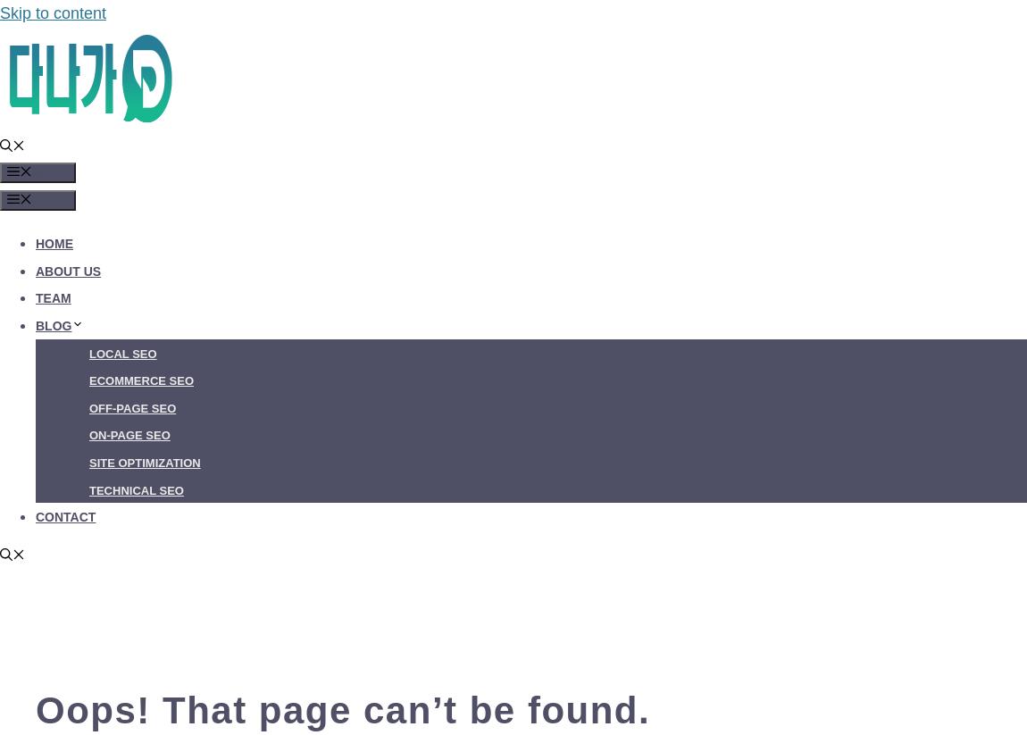  Describe the element at coordinates (67, 270) in the screenshot. I see `'About Us'` at that location.